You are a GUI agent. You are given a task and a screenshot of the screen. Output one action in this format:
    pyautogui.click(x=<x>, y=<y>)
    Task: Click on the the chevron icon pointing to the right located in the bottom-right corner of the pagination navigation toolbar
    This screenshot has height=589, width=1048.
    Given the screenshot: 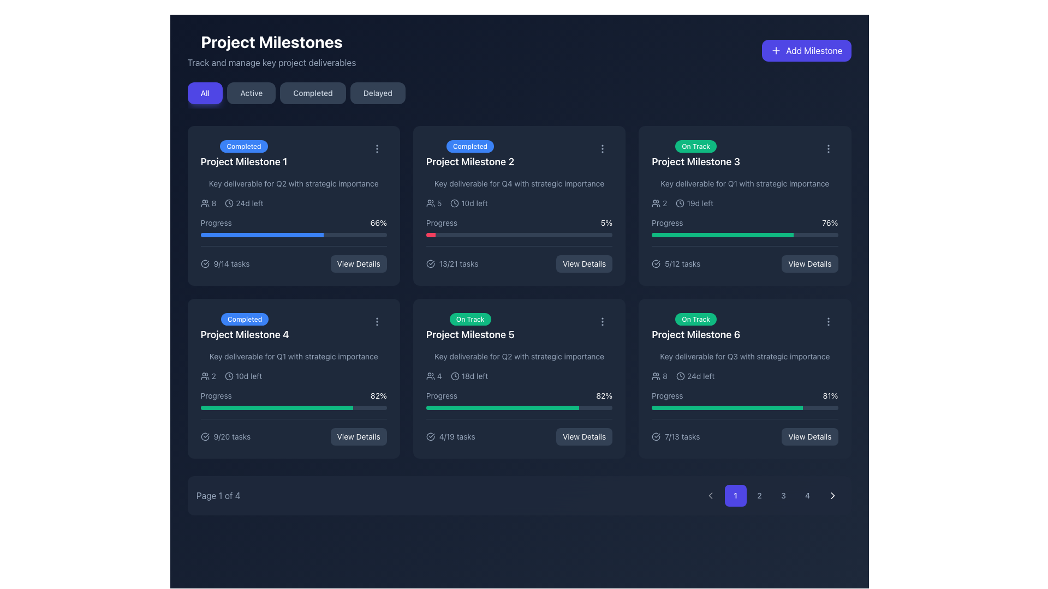 What is the action you would take?
    pyautogui.click(x=832, y=496)
    